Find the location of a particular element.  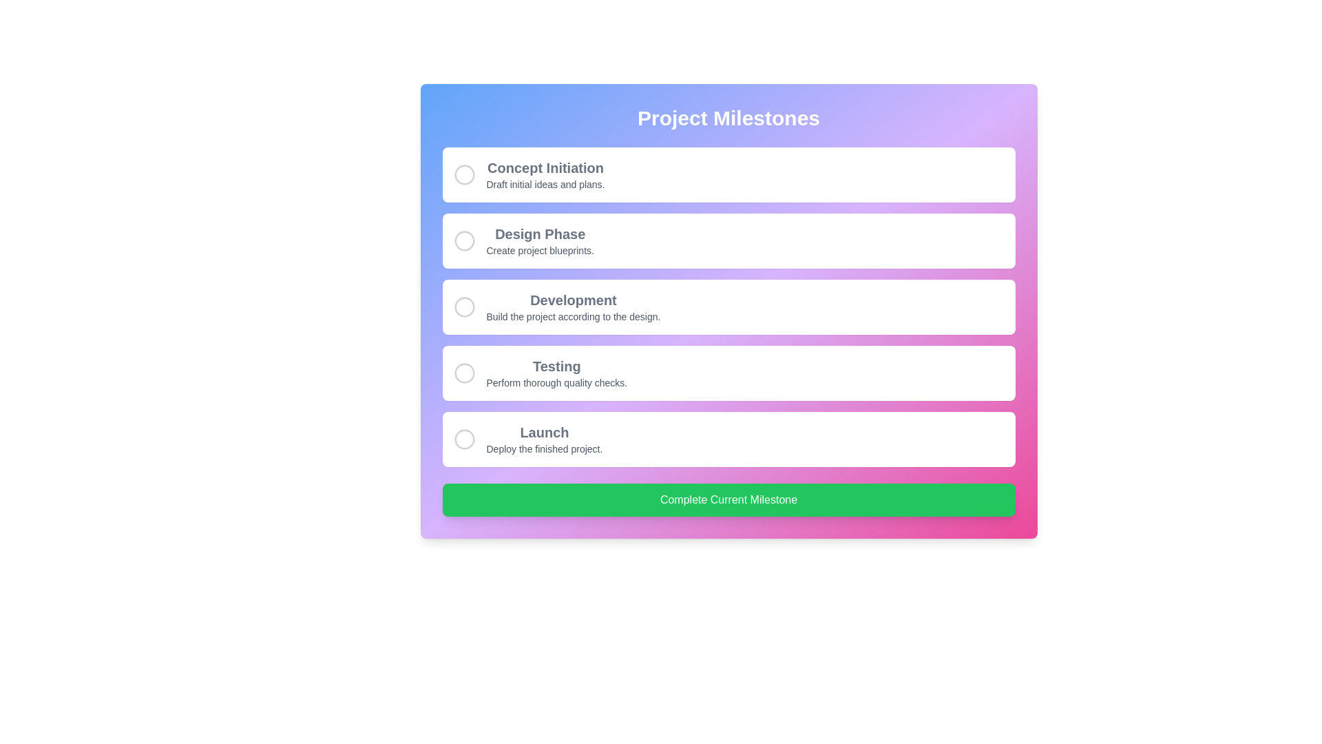

the radio button for the milestone 'Development' by clicking on it is located at coordinates (464, 307).